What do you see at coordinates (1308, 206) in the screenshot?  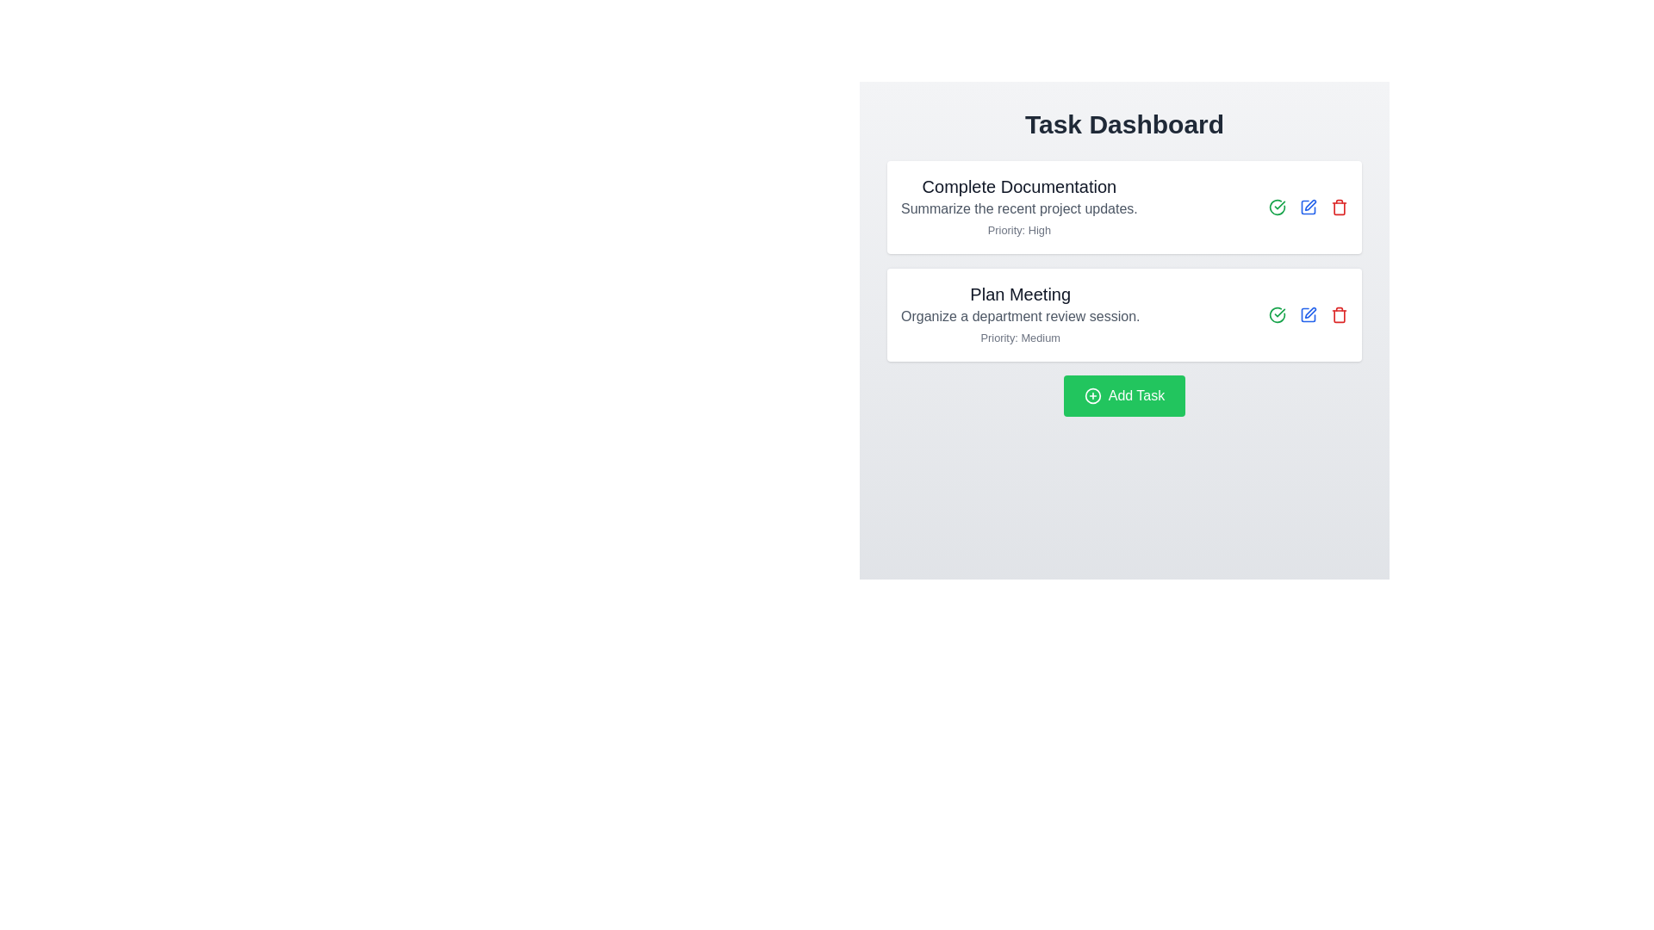 I see `the blue pen icon button associated with 'Complete Documentation'` at bounding box center [1308, 206].